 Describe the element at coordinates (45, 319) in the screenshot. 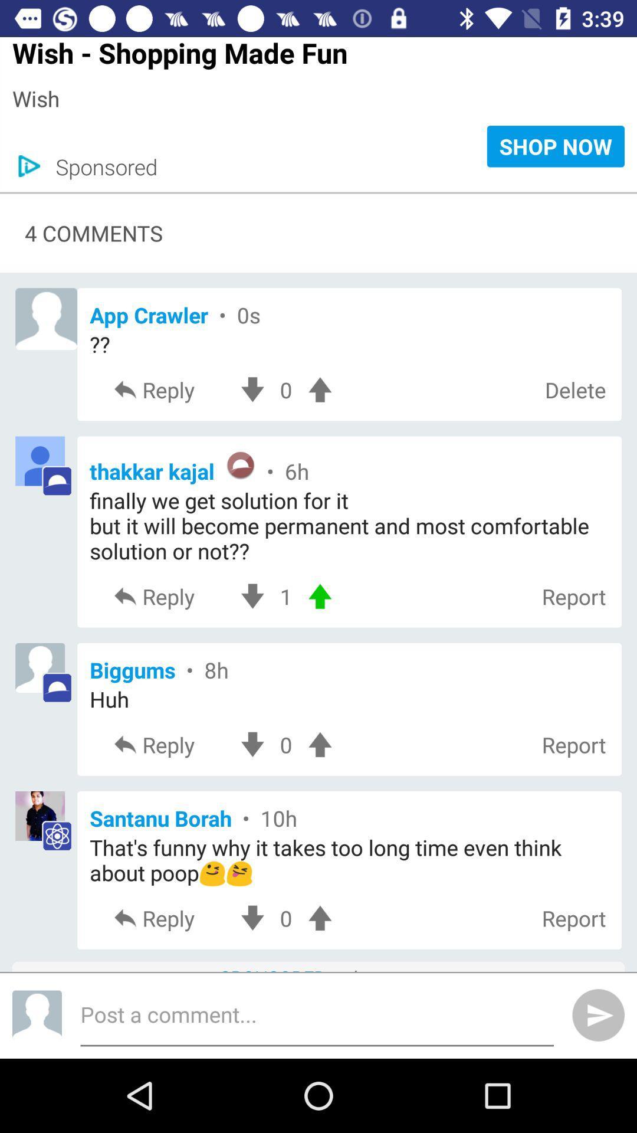

I see `the image which is before the app crawler` at that location.